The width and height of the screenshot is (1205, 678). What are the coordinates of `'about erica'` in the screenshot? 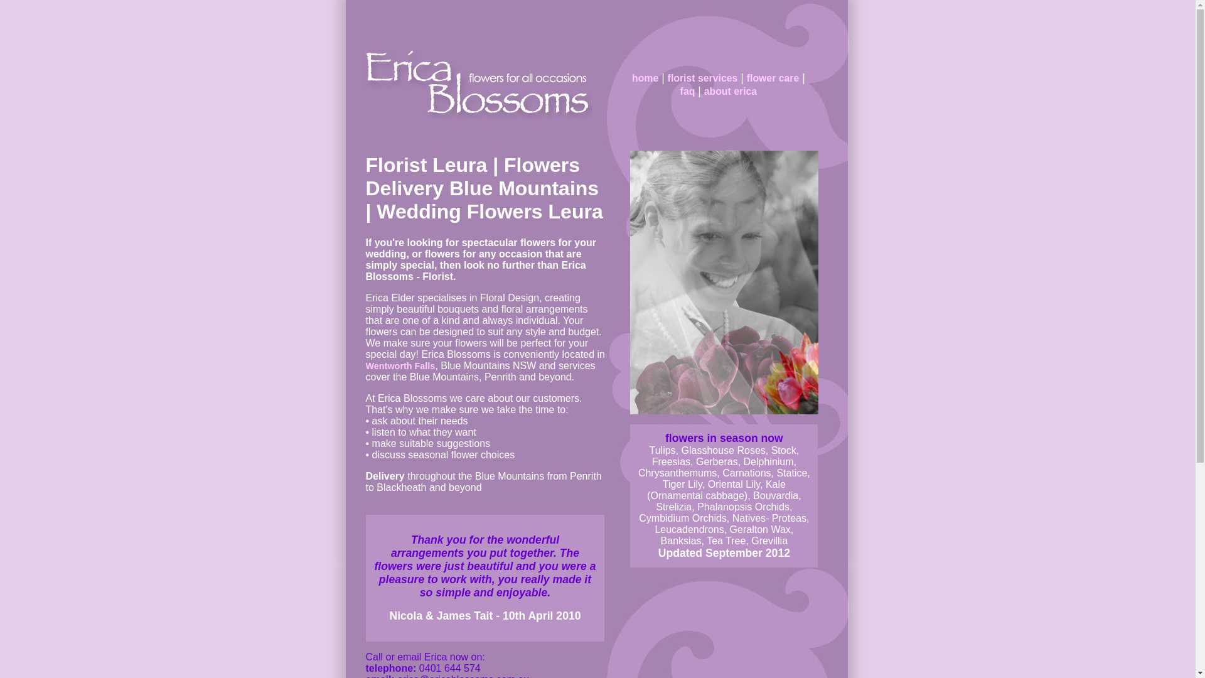 It's located at (730, 90).